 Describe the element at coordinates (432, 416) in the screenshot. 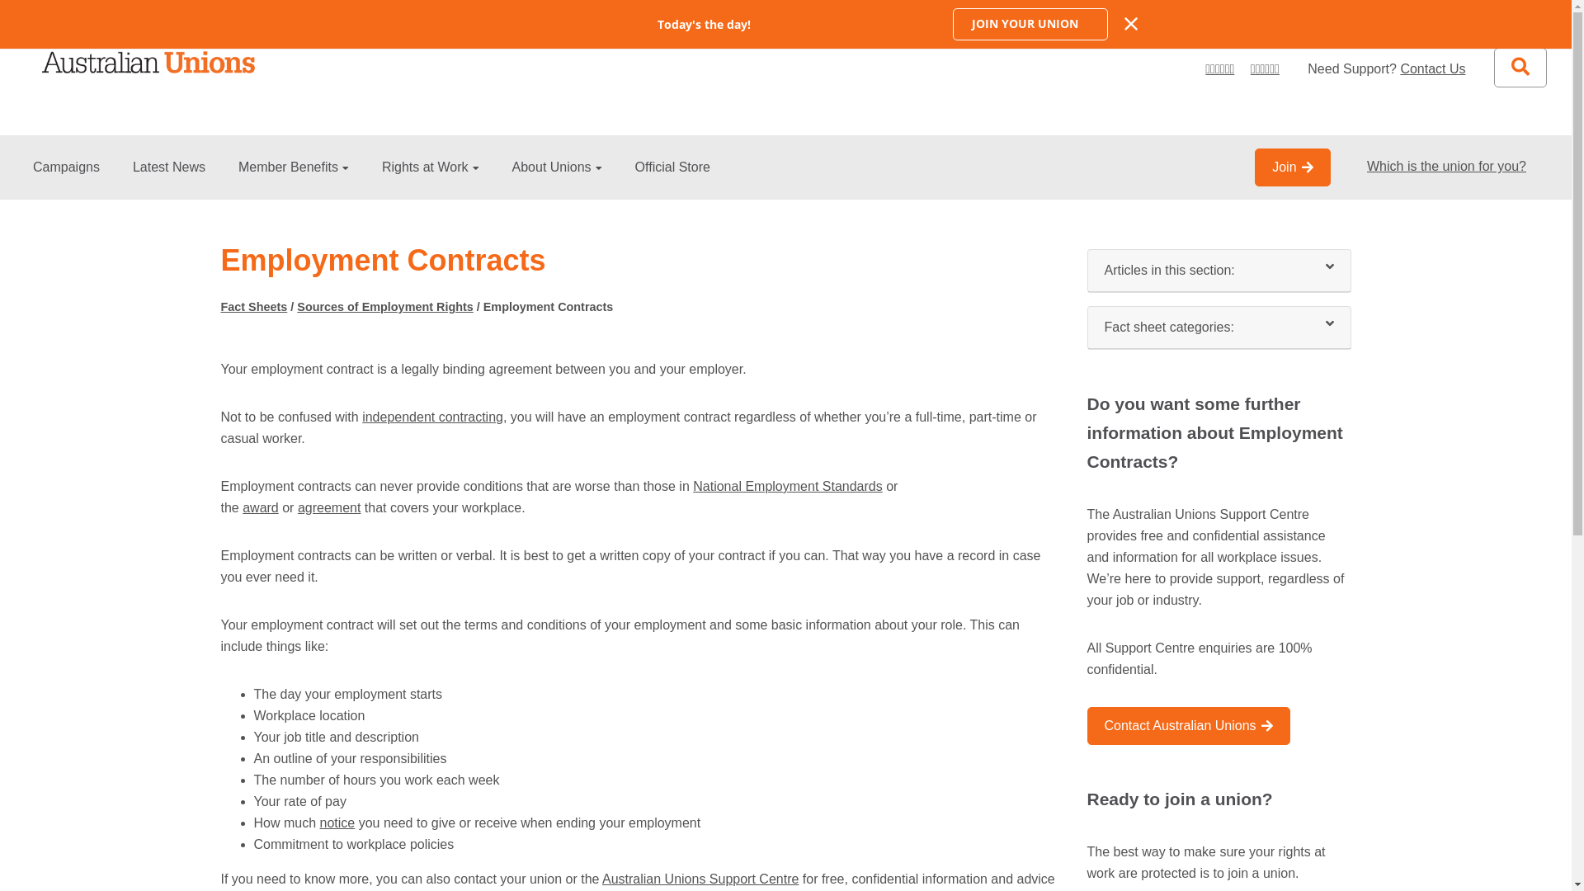

I see `'independent contracting'` at that location.